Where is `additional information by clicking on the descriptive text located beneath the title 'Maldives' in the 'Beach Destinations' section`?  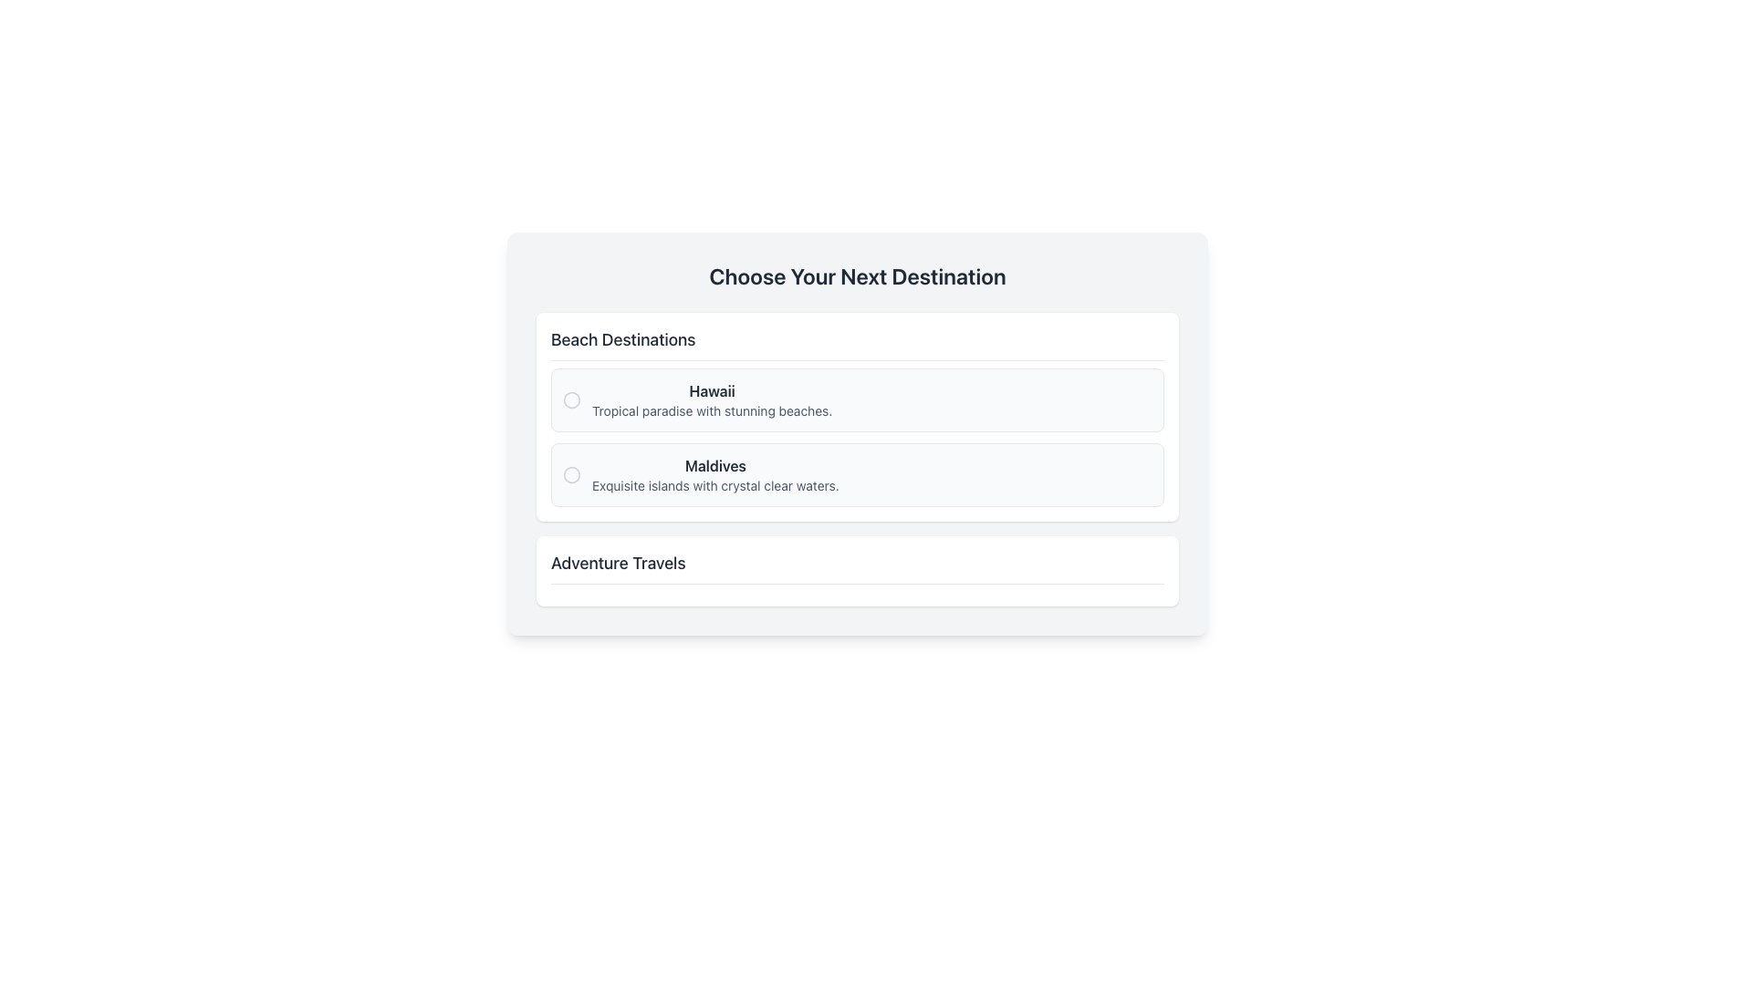 additional information by clicking on the descriptive text located beneath the title 'Maldives' in the 'Beach Destinations' section is located at coordinates (714, 484).